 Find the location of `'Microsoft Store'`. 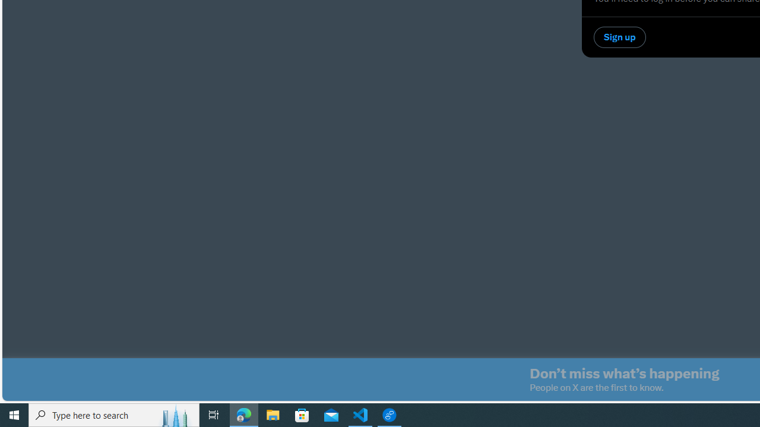

'Microsoft Store' is located at coordinates (302, 414).